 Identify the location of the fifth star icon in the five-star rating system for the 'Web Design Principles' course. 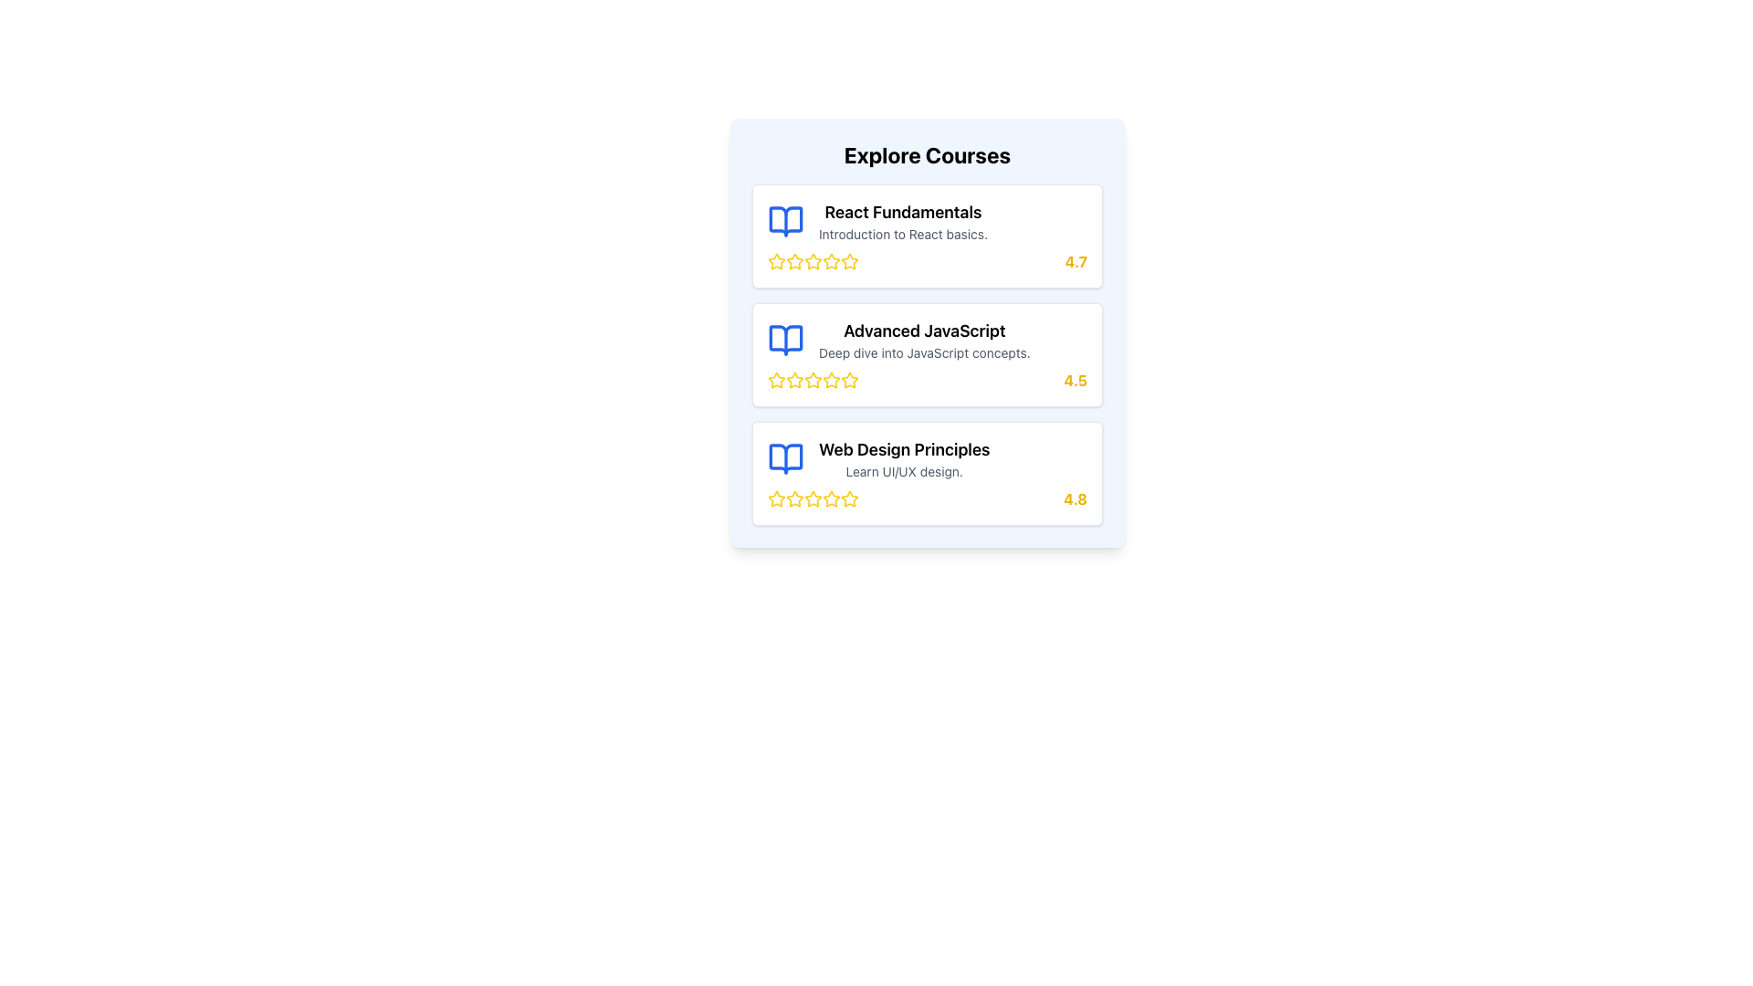
(849, 498).